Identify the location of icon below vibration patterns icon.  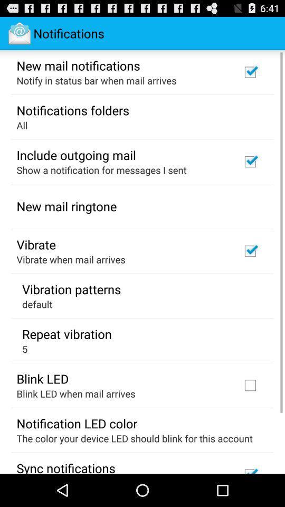
(36, 304).